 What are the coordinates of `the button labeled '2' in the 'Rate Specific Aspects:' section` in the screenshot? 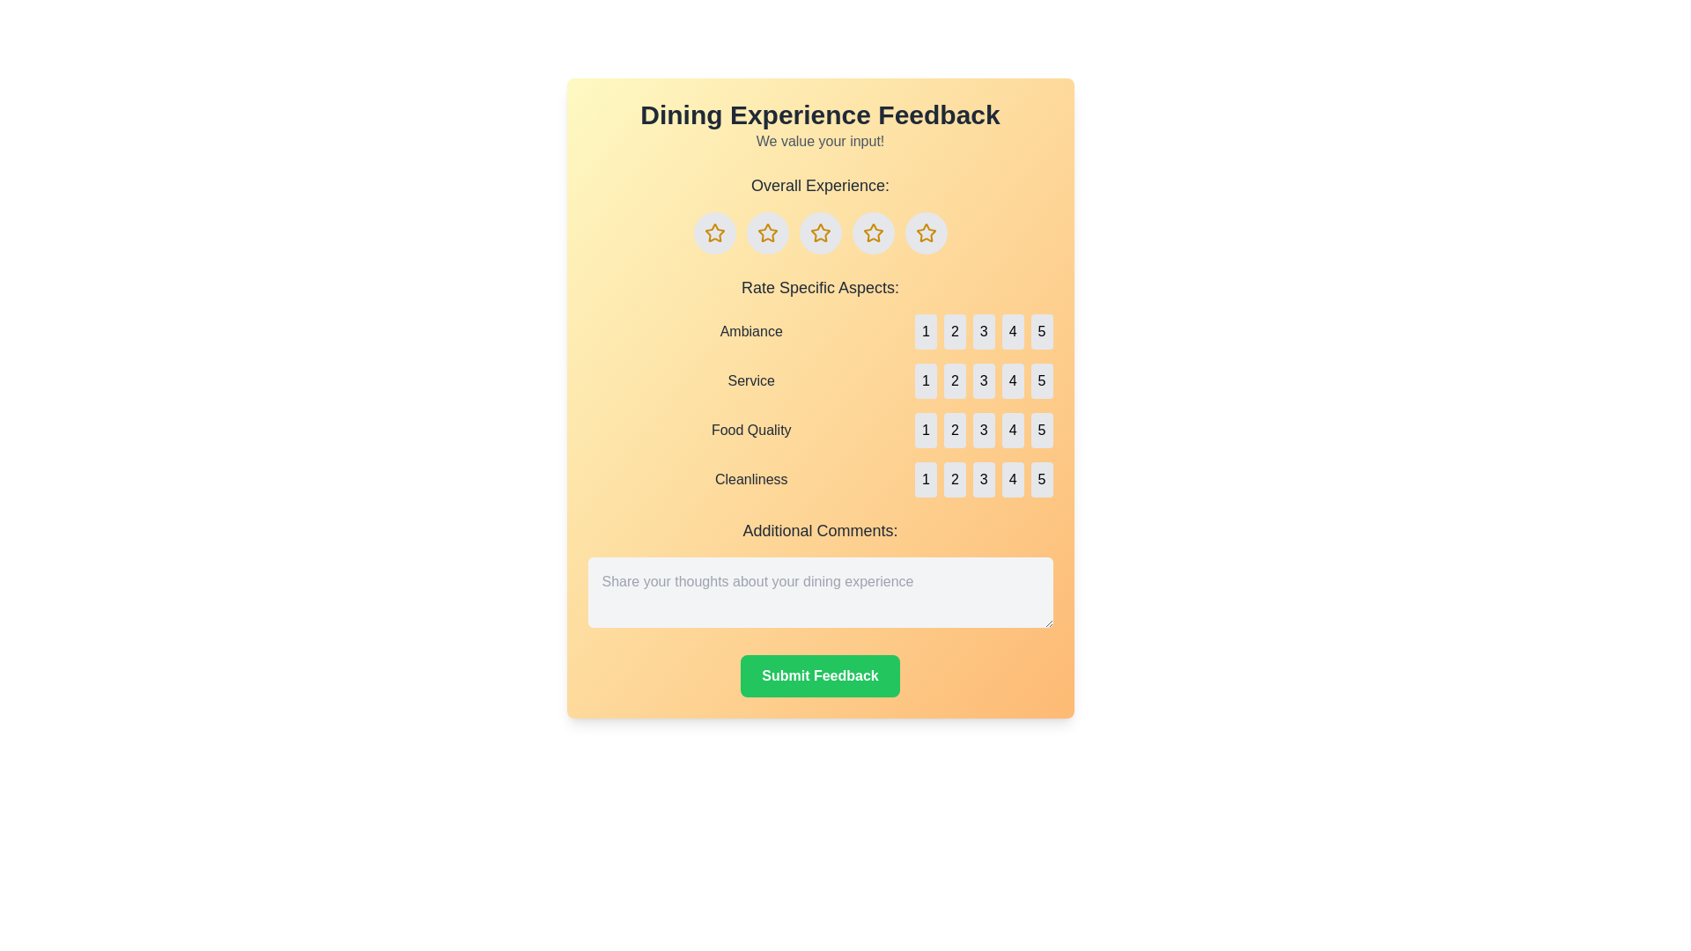 It's located at (954, 332).